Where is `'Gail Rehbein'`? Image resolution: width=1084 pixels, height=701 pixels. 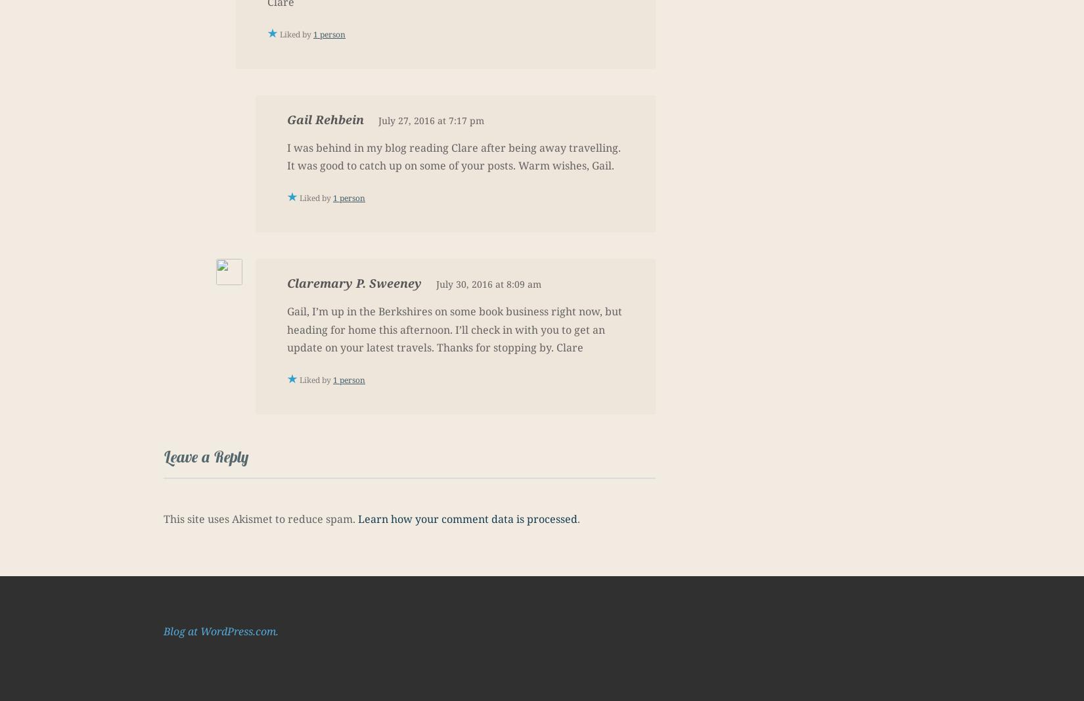 'Gail Rehbein' is located at coordinates (325, 118).